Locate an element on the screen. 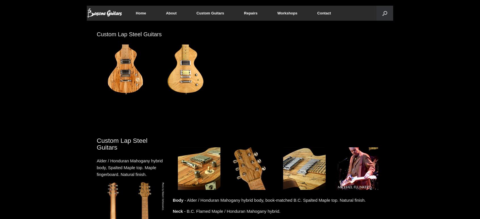  'Workshops' is located at coordinates (287, 13).